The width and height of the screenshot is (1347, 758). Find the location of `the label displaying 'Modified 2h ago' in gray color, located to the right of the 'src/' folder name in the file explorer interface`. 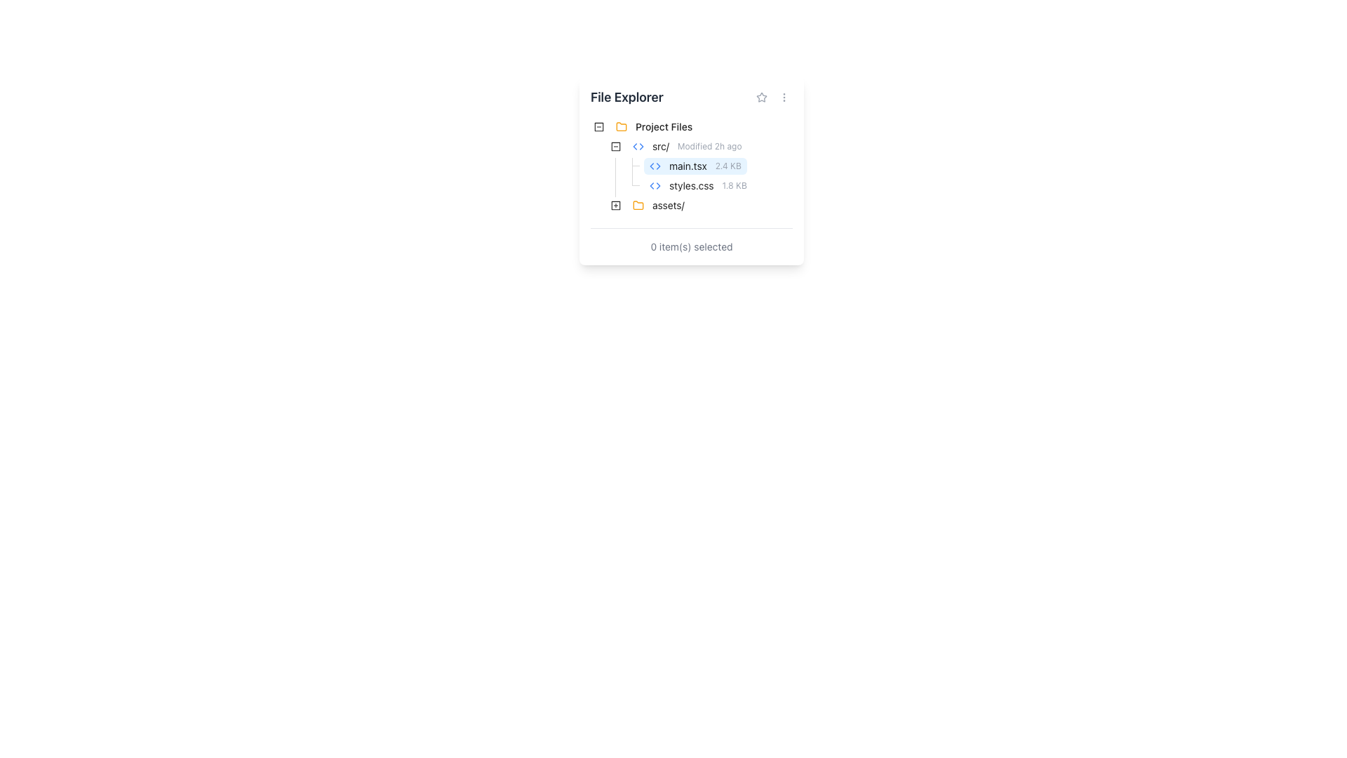

the label displaying 'Modified 2h ago' in gray color, located to the right of the 'src/' folder name in the file explorer interface is located at coordinates (709, 146).